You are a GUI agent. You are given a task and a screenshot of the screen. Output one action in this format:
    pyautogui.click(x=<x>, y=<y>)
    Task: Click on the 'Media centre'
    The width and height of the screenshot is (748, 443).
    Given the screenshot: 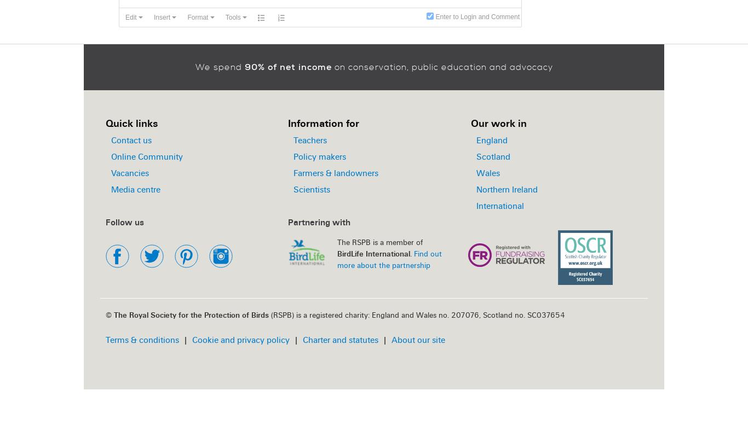 What is the action you would take?
    pyautogui.click(x=110, y=189)
    